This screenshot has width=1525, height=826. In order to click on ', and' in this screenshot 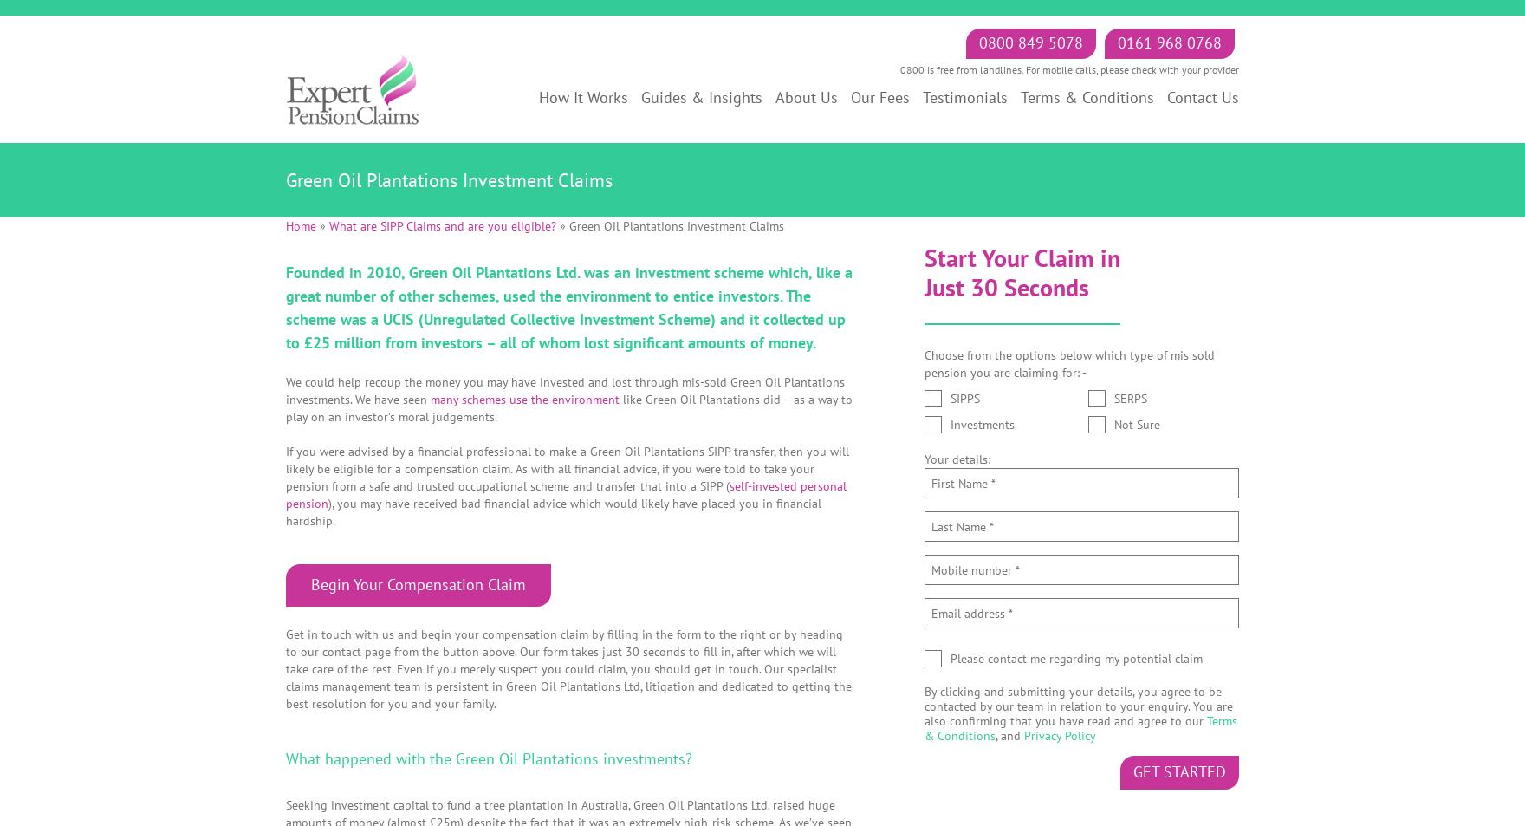, I will do `click(1009, 734)`.